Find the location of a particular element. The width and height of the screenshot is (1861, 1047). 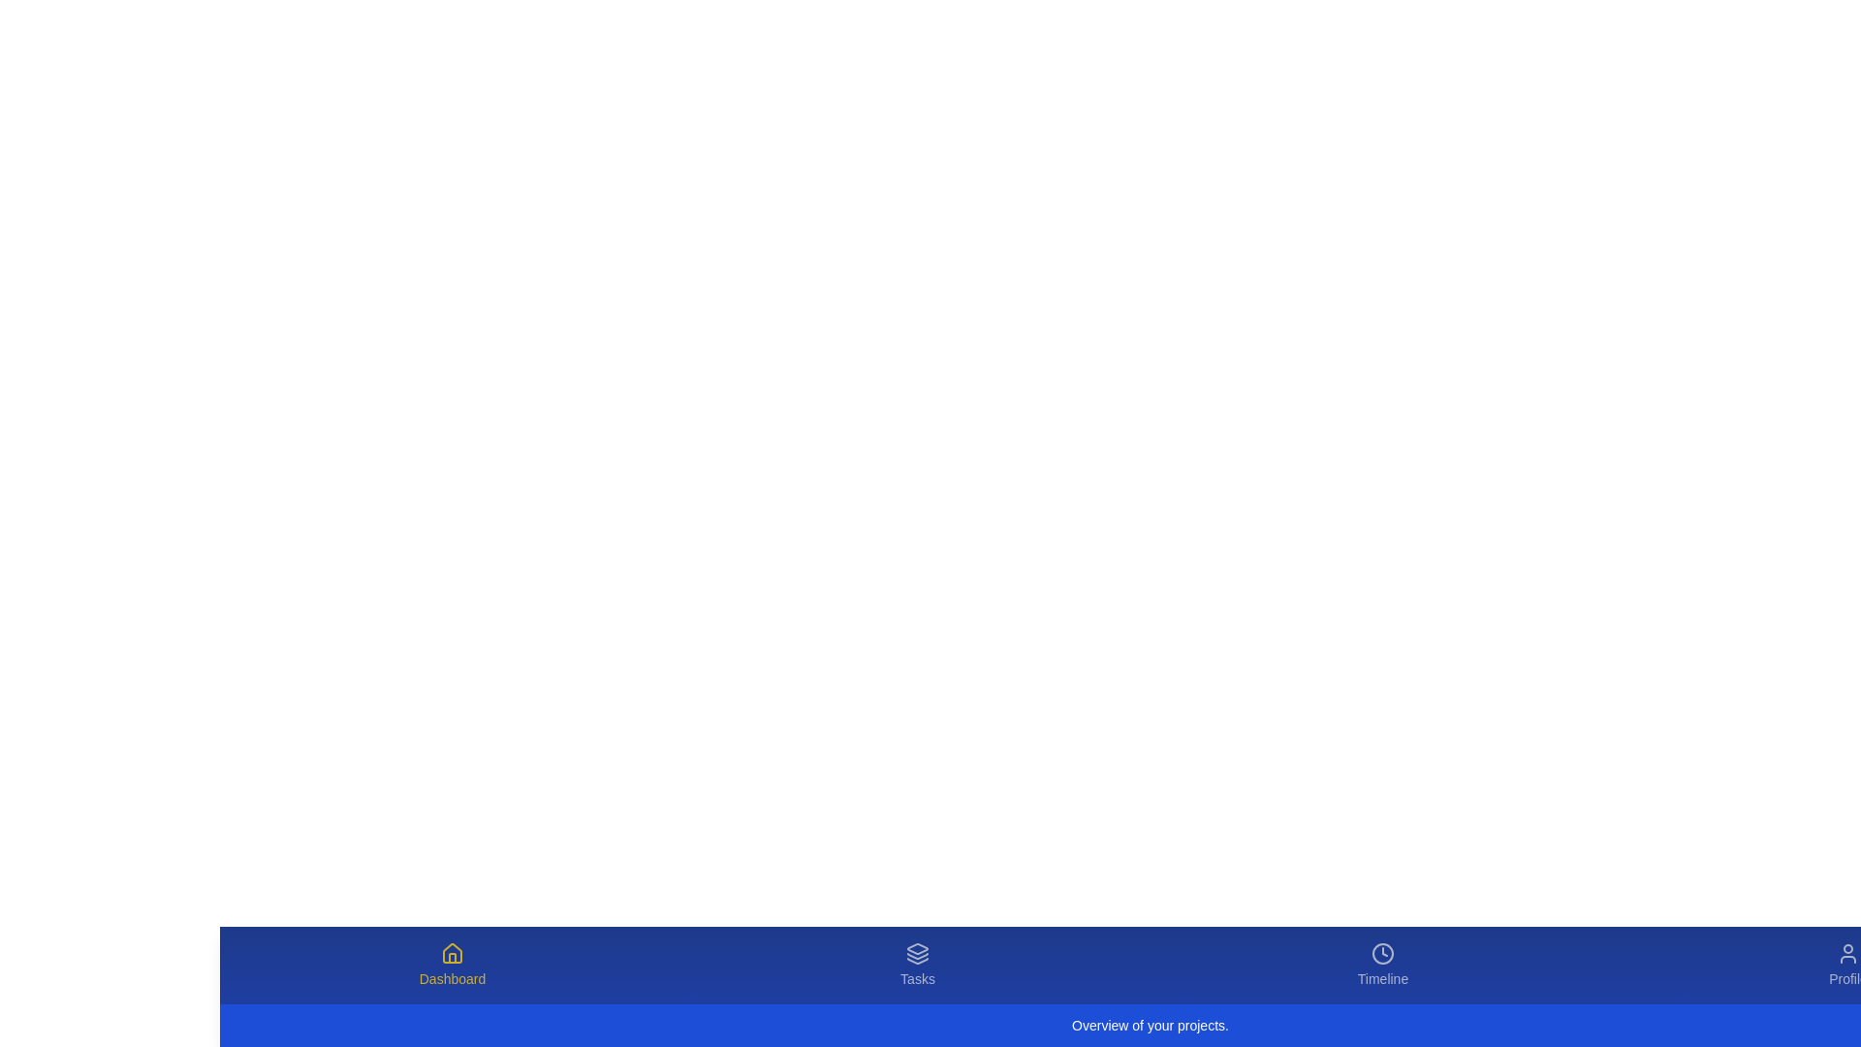

the Timeline tab by clicking on its button is located at coordinates (1381, 965).